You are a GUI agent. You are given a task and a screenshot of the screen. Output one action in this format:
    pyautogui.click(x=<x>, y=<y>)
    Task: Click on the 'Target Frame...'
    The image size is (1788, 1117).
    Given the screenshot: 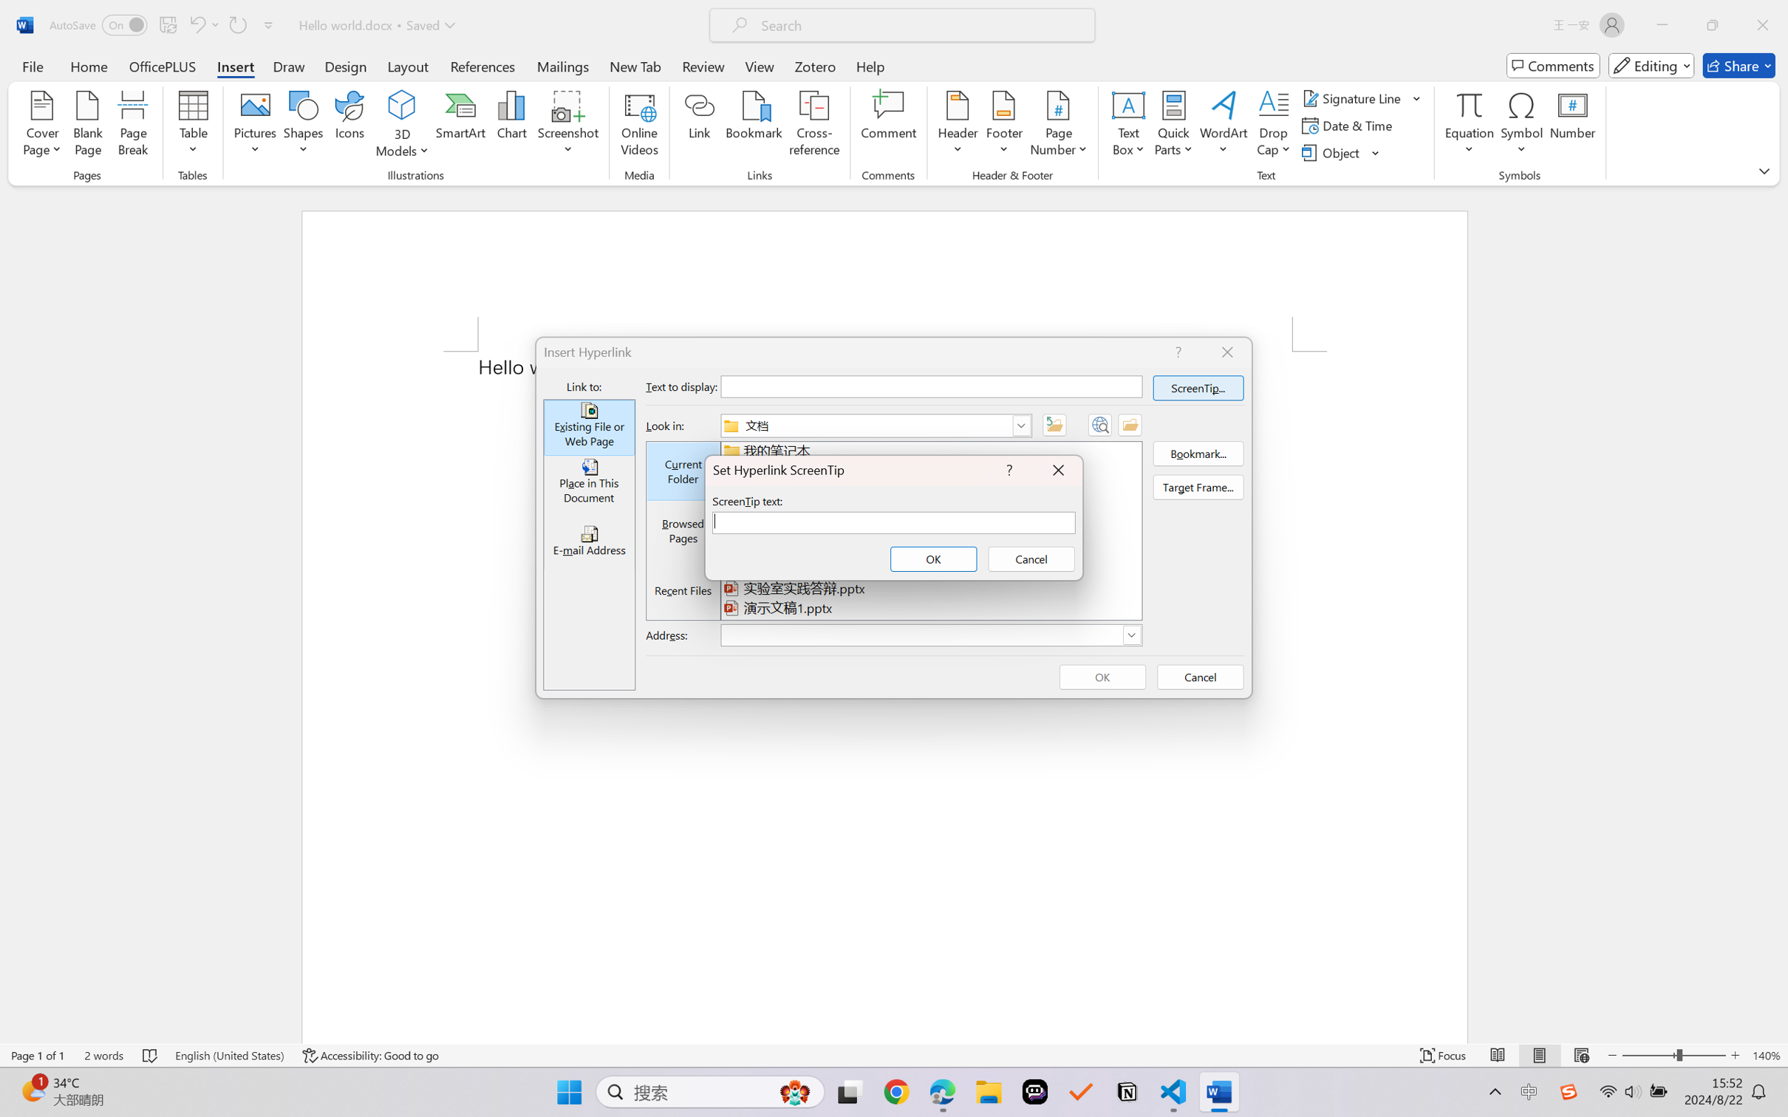 What is the action you would take?
    pyautogui.click(x=1198, y=487)
    